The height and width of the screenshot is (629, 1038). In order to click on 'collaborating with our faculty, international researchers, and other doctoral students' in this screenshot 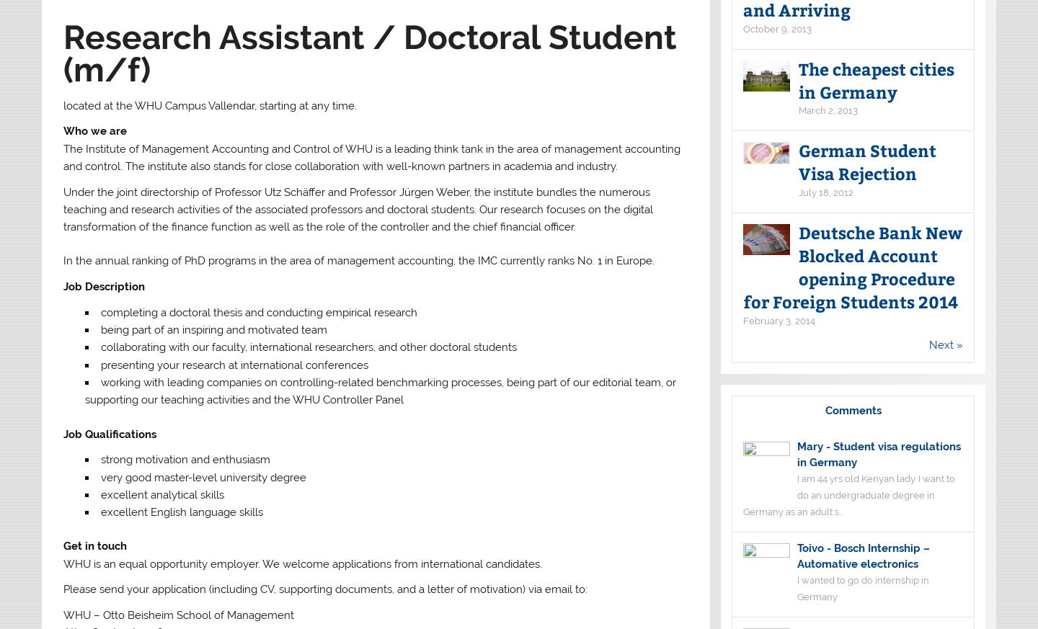, I will do `click(308, 347)`.